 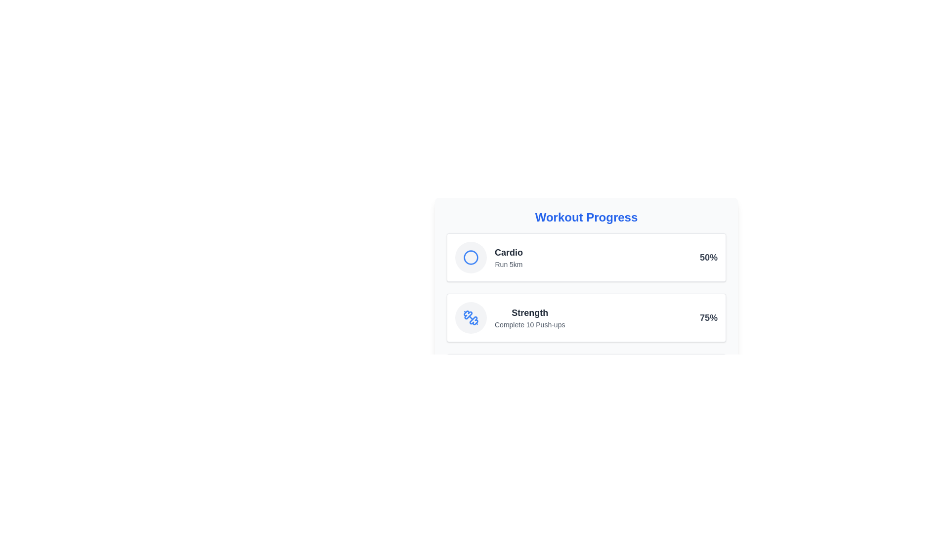 I want to click on the circular icon with a blue border and white fill located next to the text 'Cardio' in the 'Workout Progress' section, so click(x=471, y=257).